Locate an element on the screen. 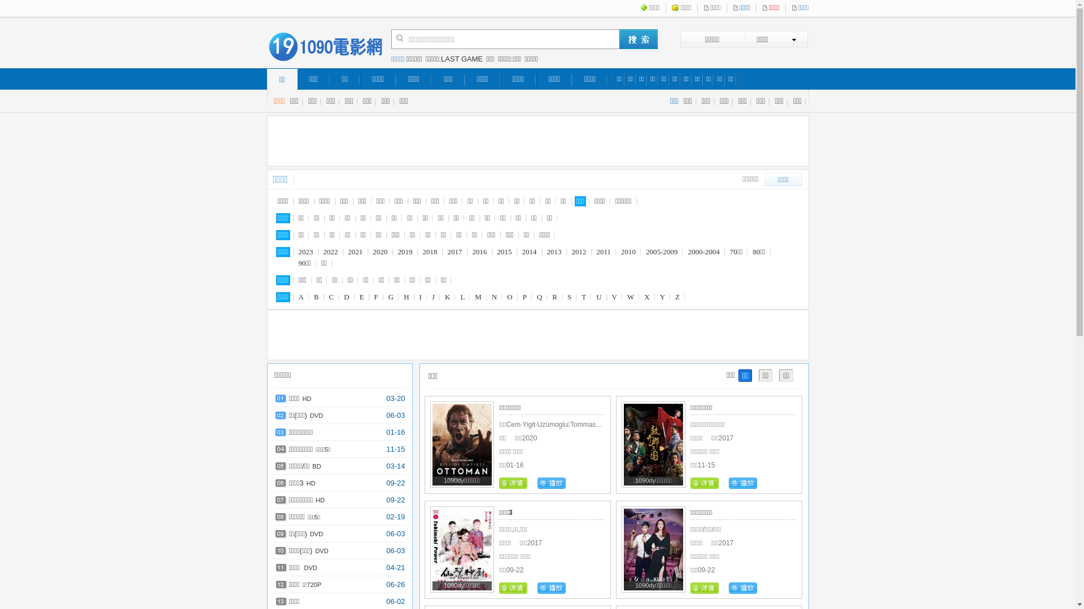  'Y' is located at coordinates (662, 297).